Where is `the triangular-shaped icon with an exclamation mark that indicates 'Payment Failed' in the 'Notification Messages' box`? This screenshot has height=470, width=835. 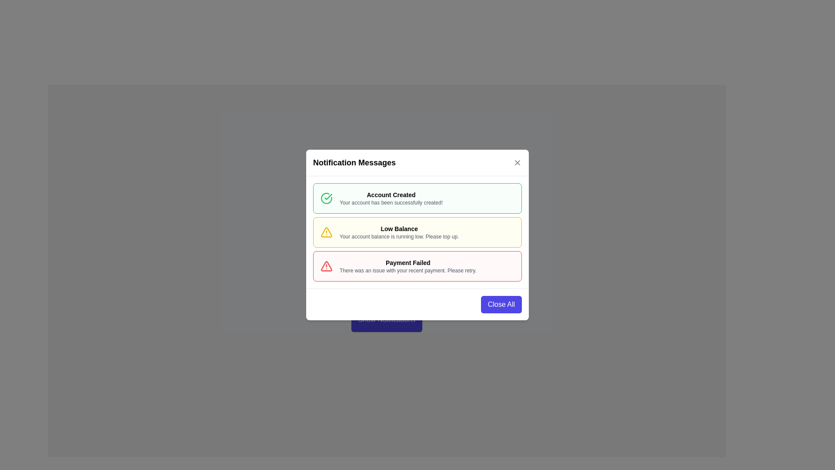 the triangular-shaped icon with an exclamation mark that indicates 'Payment Failed' in the 'Notification Messages' box is located at coordinates (326, 266).